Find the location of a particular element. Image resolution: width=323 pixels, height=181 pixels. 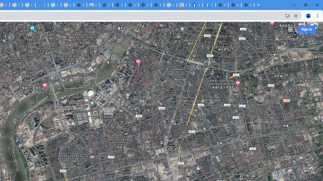

'Chrome Web Store' is located at coordinates (93, 5).